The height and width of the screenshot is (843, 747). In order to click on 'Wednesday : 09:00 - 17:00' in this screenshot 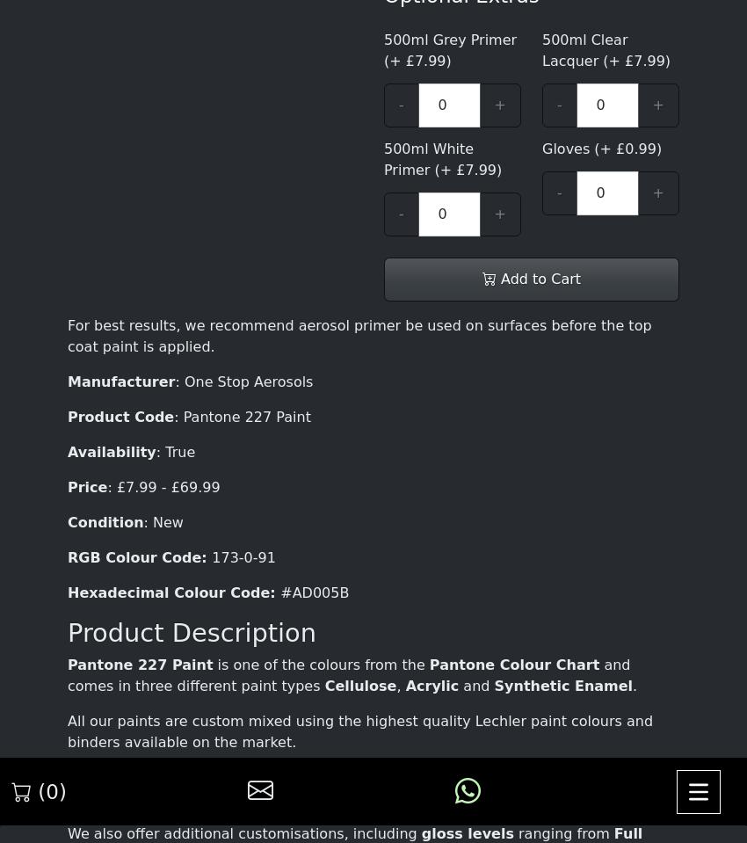, I will do `click(214, 530)`.